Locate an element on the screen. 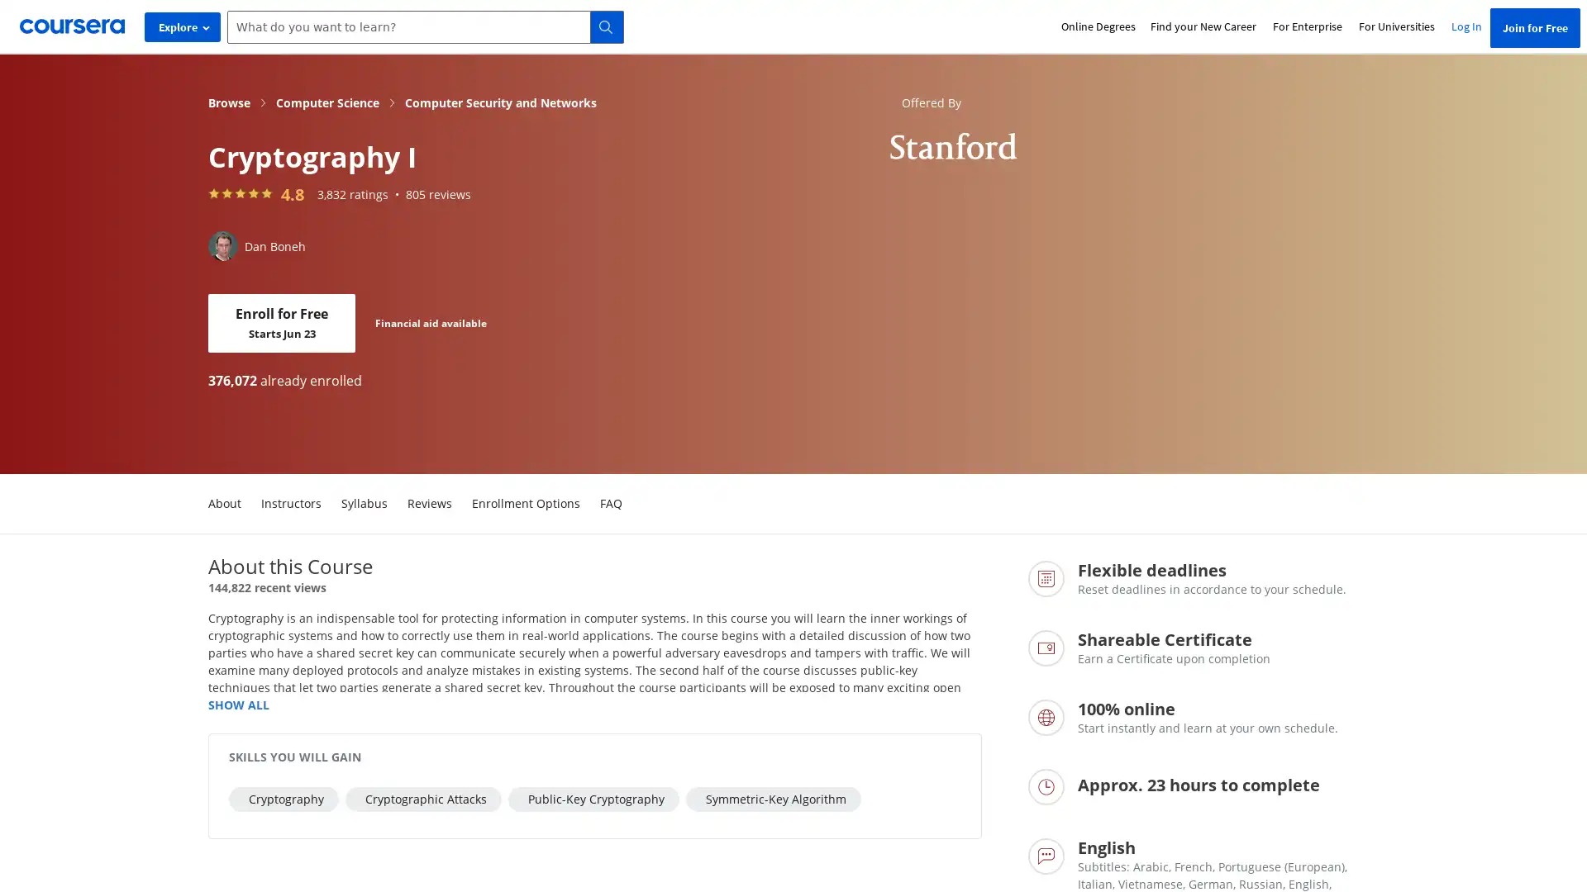 The height and width of the screenshot is (892, 1587). Enroll for Free Starts Jun 23 is located at coordinates (281, 323).